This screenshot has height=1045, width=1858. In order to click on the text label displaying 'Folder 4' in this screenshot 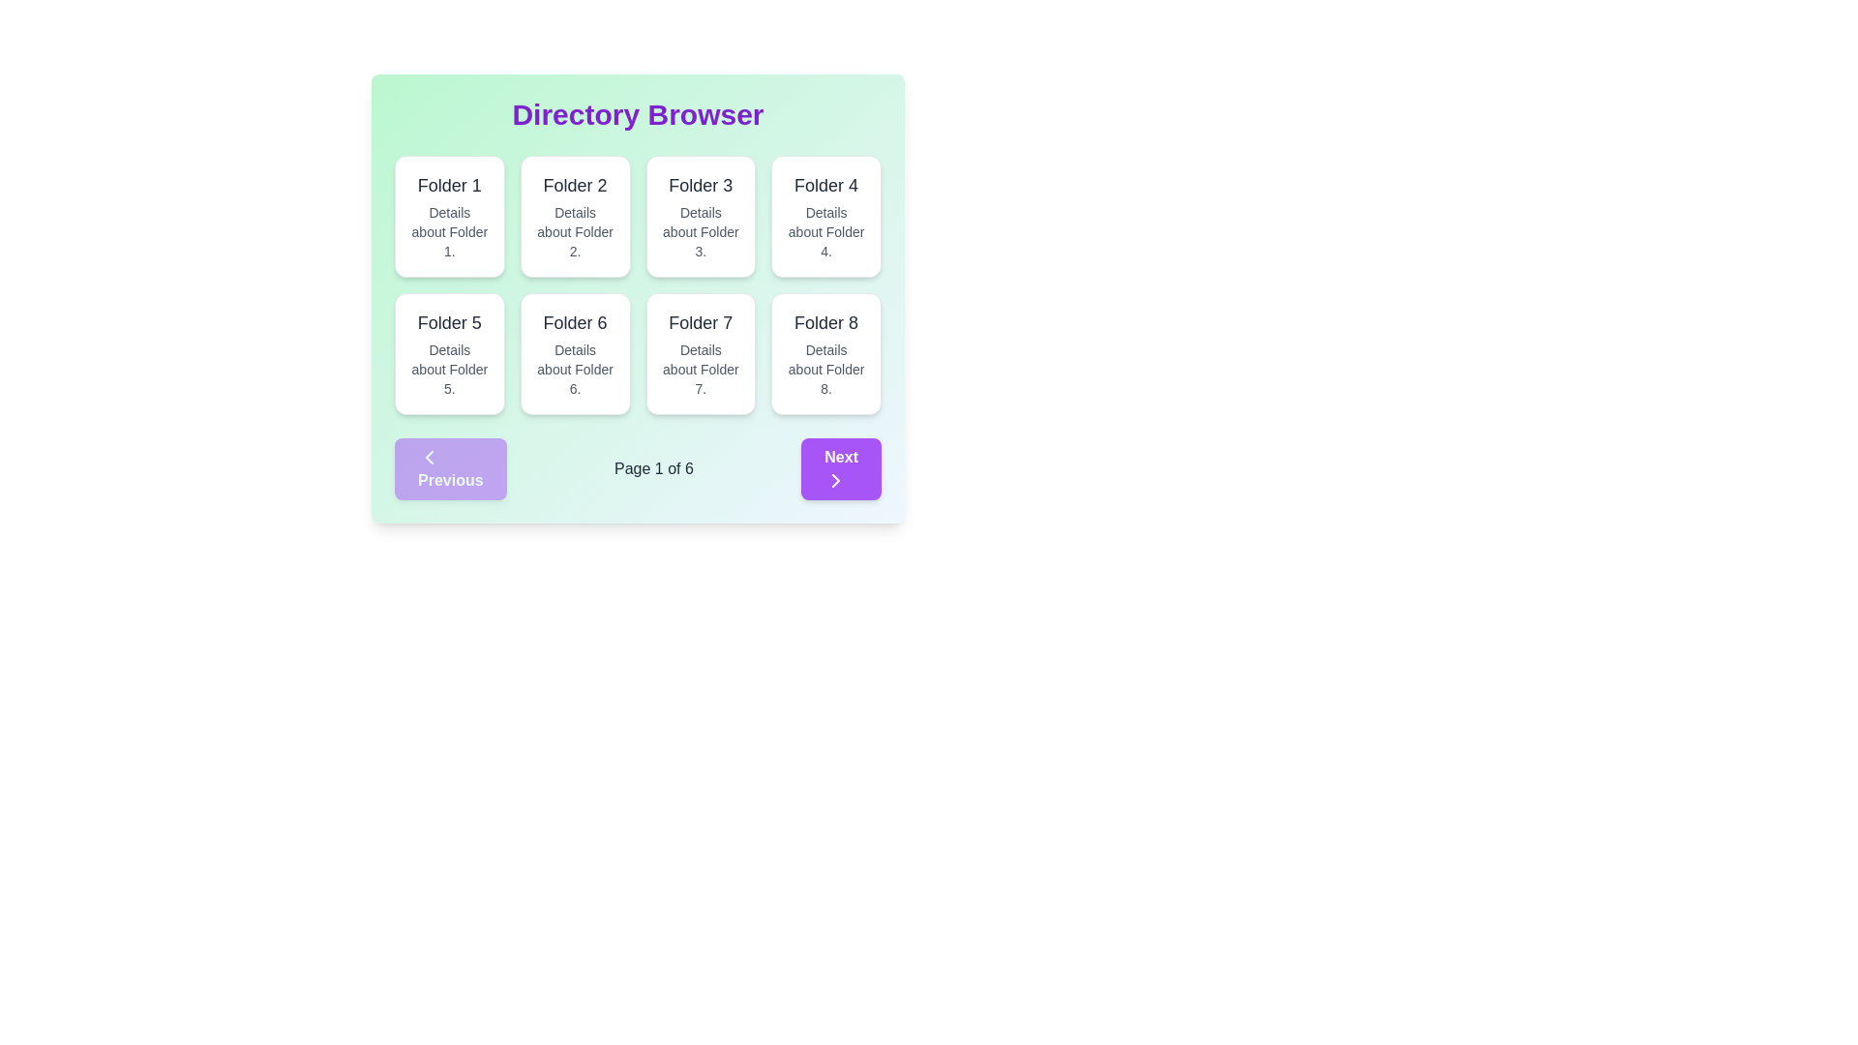, I will do `click(826, 186)`.